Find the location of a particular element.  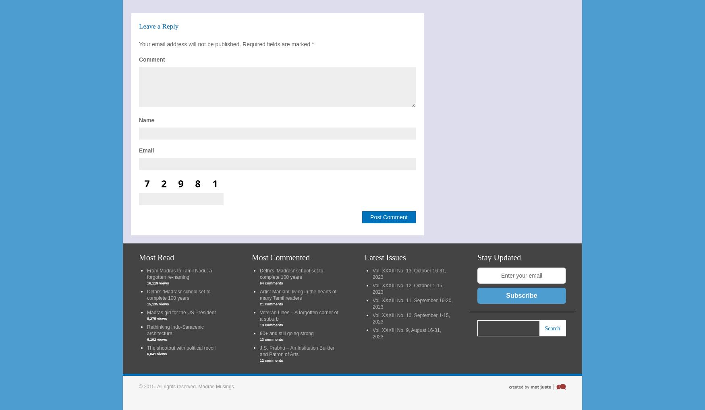

'Madras girl for the US President' is located at coordinates (181, 312).